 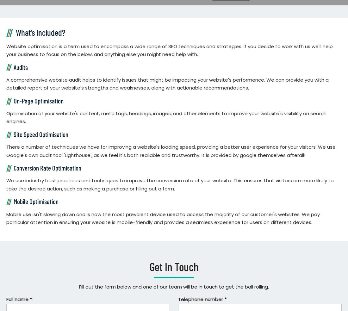 I want to click on 'Website optimisation is a term used to encompass a wide range of SEO techniques and strategies. If you decide to work with us we'll help your business to focus on the below, and anything else you might need help with.', so click(x=170, y=50).